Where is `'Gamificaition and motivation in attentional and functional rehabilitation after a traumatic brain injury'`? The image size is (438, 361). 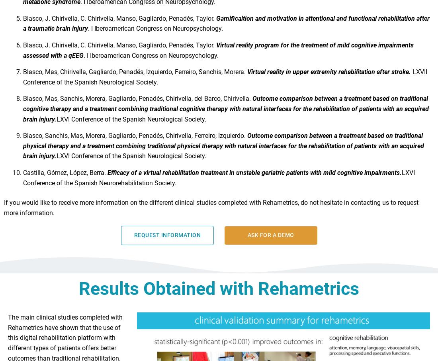 'Gamificaition and motivation in attentional and functional rehabilitation after a traumatic brain injury' is located at coordinates (226, 27).